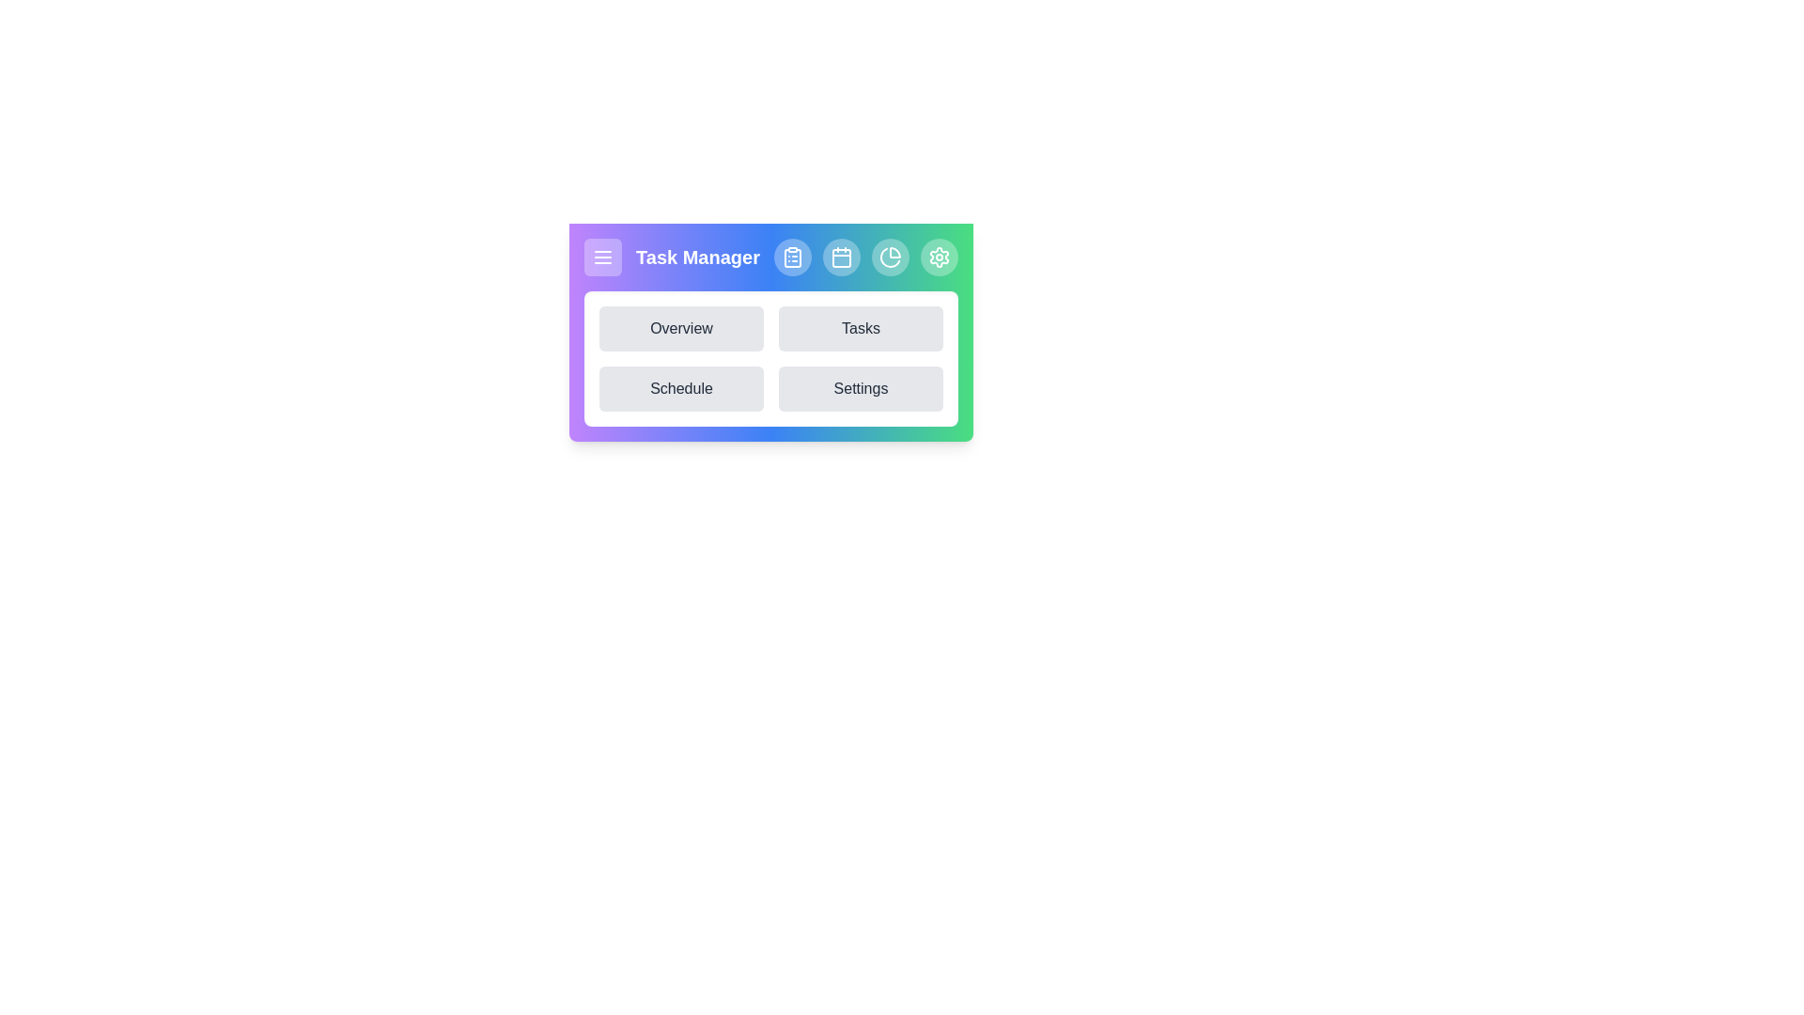 This screenshot has height=1015, width=1804. Describe the element at coordinates (860, 328) in the screenshot. I see `the button labeled Tasks to observe visual feedback` at that location.